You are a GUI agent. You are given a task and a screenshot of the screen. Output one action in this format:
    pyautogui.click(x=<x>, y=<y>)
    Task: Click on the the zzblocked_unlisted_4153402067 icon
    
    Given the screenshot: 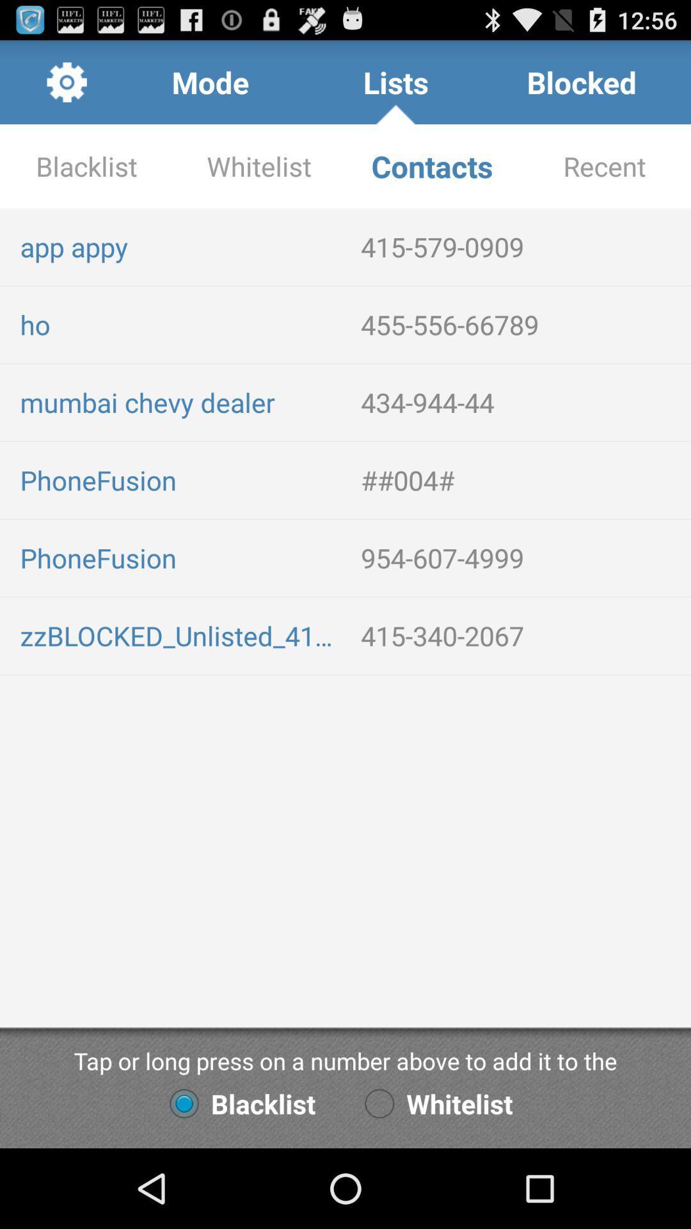 What is the action you would take?
    pyautogui.click(x=180, y=636)
    